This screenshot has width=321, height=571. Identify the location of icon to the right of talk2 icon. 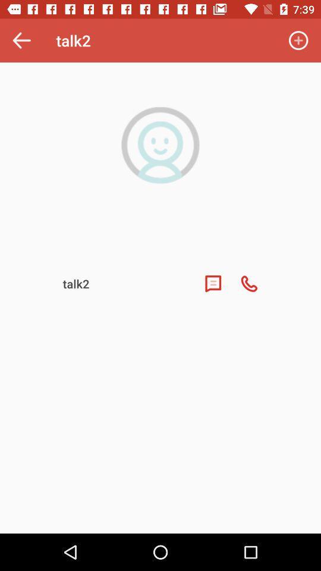
(298, 40).